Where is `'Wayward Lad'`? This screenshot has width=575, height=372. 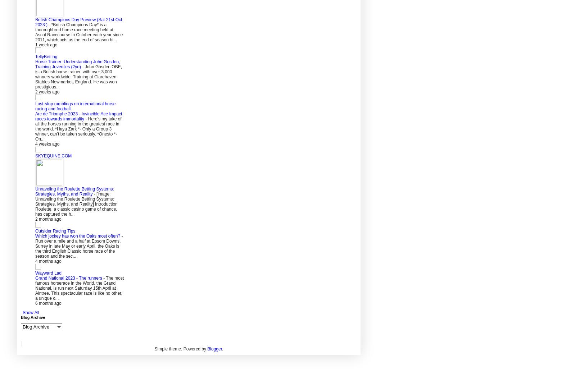
'Wayward Lad' is located at coordinates (48, 273).